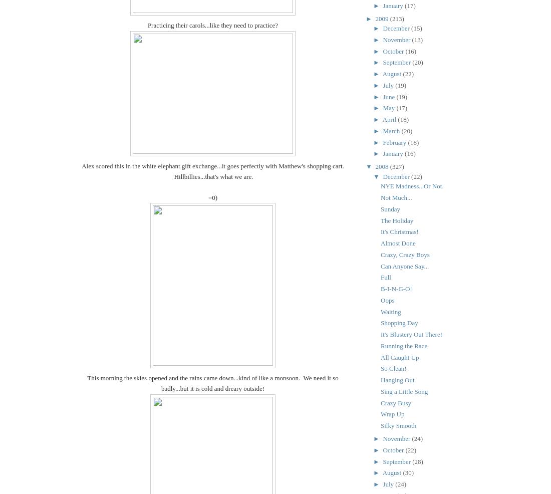  What do you see at coordinates (399, 231) in the screenshot?
I see `'It's Christmas!'` at bounding box center [399, 231].